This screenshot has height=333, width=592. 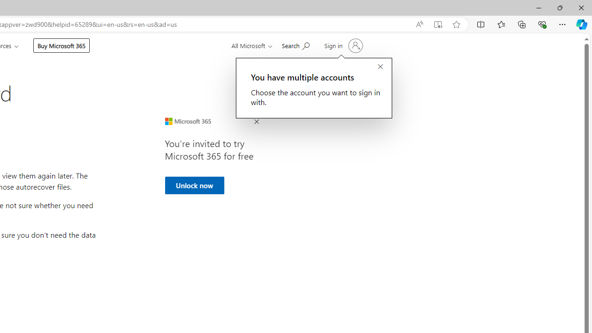 What do you see at coordinates (61, 45) in the screenshot?
I see `'Buy Microsoft 365'` at bounding box center [61, 45].